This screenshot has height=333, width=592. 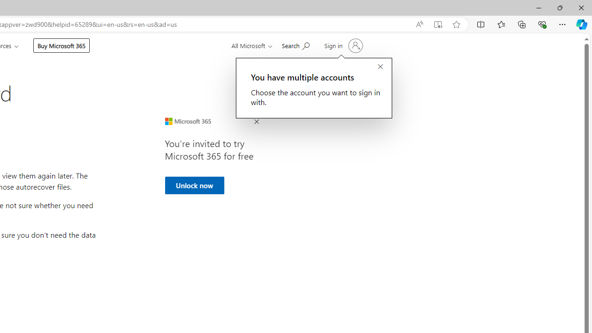 What do you see at coordinates (61, 45) in the screenshot?
I see `'Buy Microsoft 365'` at bounding box center [61, 45].